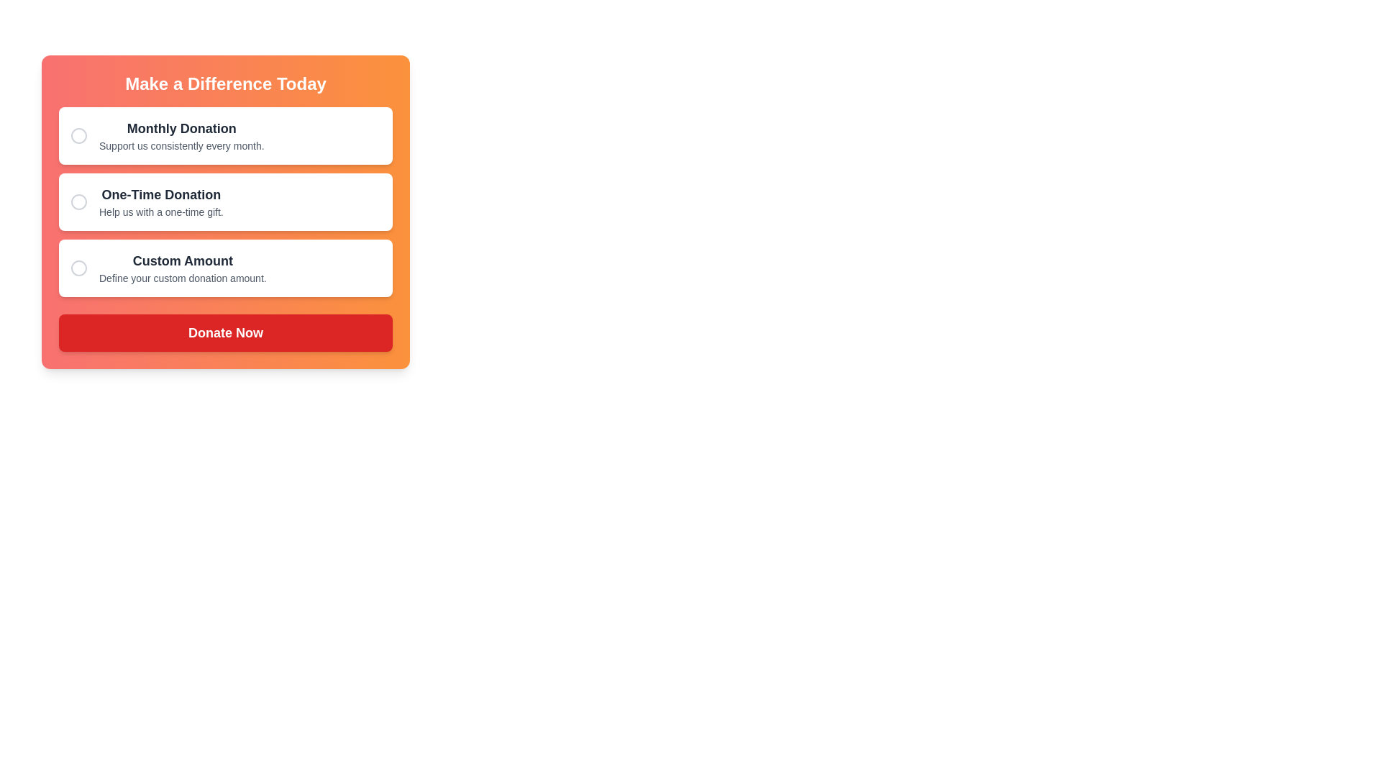 The width and height of the screenshot is (1381, 777). Describe the element at coordinates (78, 268) in the screenshot. I see `the unselected radio button for the 'Custom Amount' donation option, which is the third circular outline element in the vertical list within the 'Make a Difference Today' card` at that location.